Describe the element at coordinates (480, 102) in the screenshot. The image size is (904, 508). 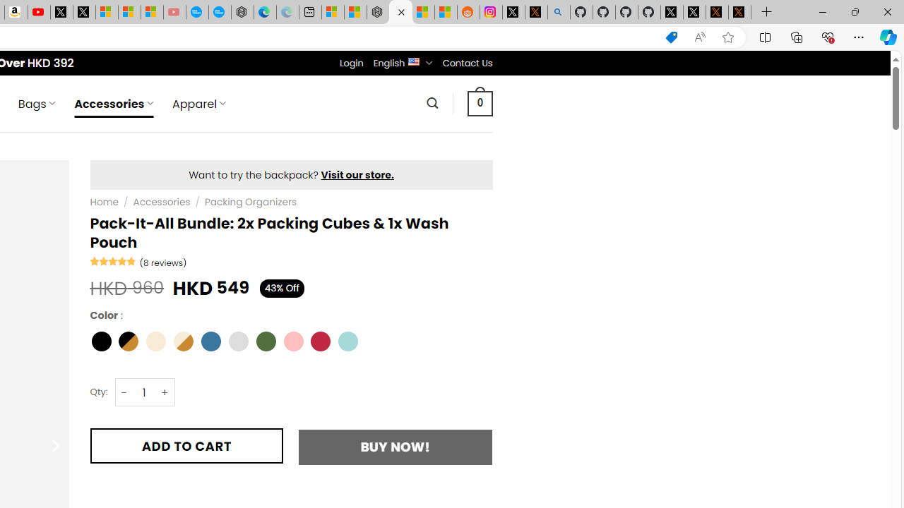
I see `'  0  '` at that location.